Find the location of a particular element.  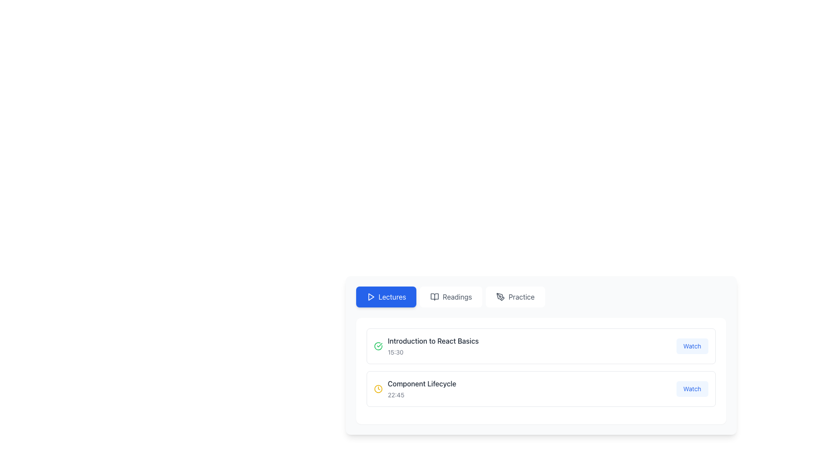

the circular icon with a green outline and a checkmark in its center, which indicates a completed task, located to the left of the text 'Introduction to React Basics' and above the timestamp '15:30' is located at coordinates (378, 346).